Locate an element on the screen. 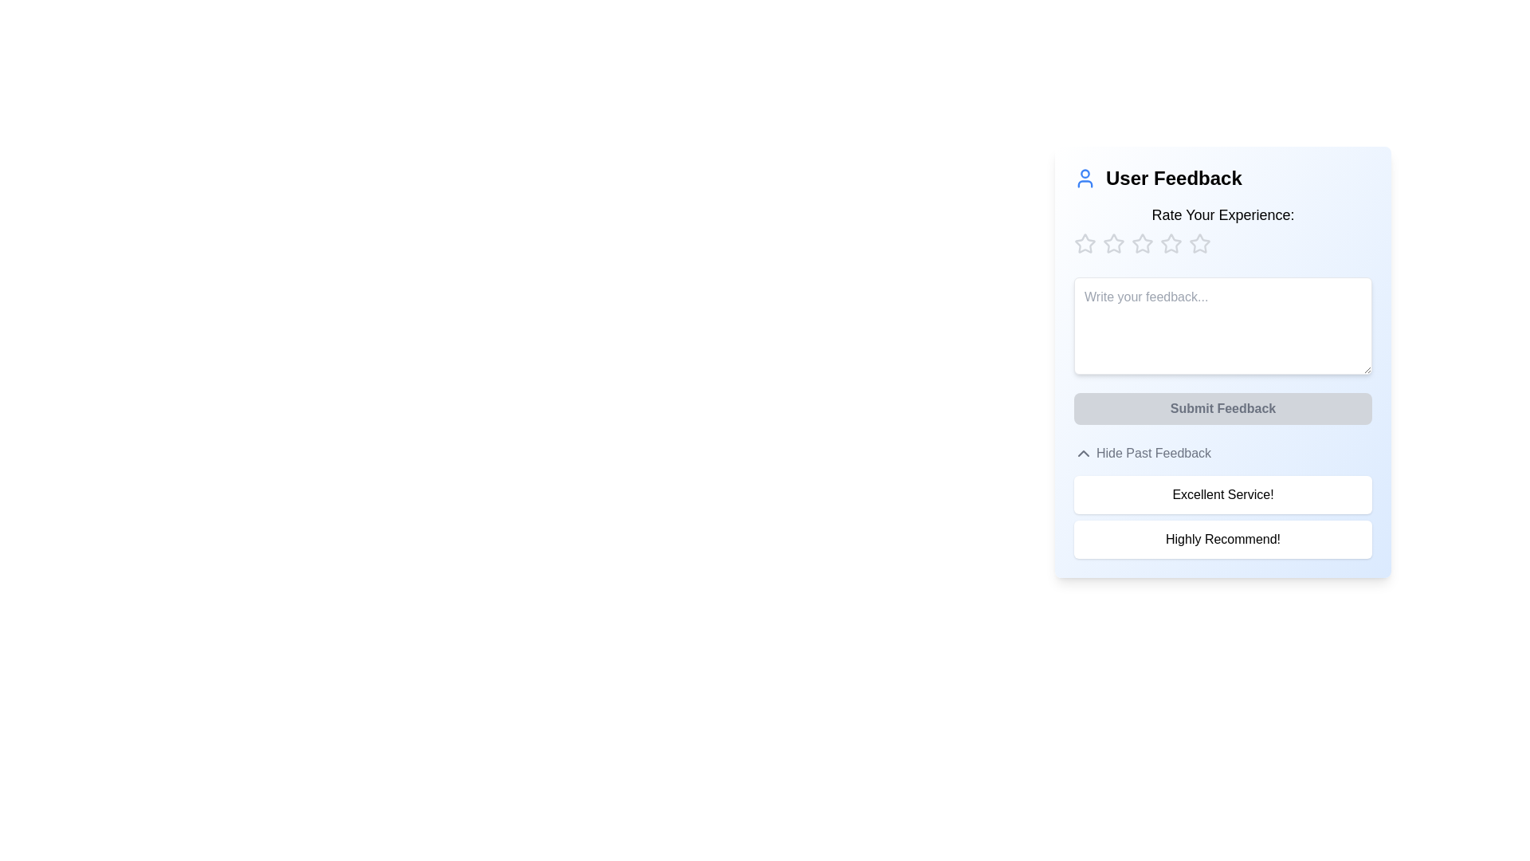 The height and width of the screenshot is (861, 1530). text label that introduces the user feedback section, located to the right of the user icon and aligned with other elements in the same row is located at coordinates (1174, 178).